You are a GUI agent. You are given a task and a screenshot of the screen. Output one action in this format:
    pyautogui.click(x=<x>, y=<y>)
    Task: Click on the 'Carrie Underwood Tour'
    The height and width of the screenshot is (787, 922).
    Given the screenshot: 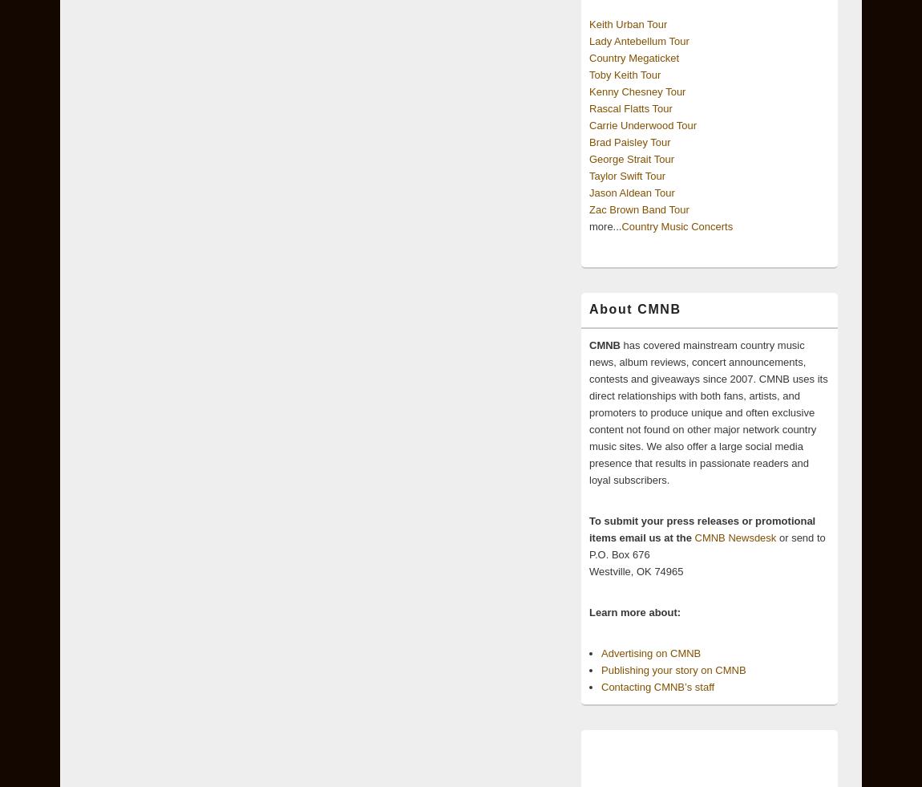 What is the action you would take?
    pyautogui.click(x=642, y=124)
    